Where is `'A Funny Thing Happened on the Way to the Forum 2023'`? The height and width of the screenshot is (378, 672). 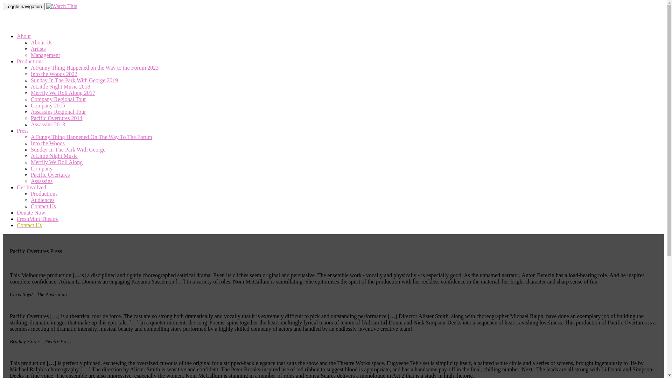
'A Funny Thing Happened on the Way to the Forum 2023' is located at coordinates (94, 68).